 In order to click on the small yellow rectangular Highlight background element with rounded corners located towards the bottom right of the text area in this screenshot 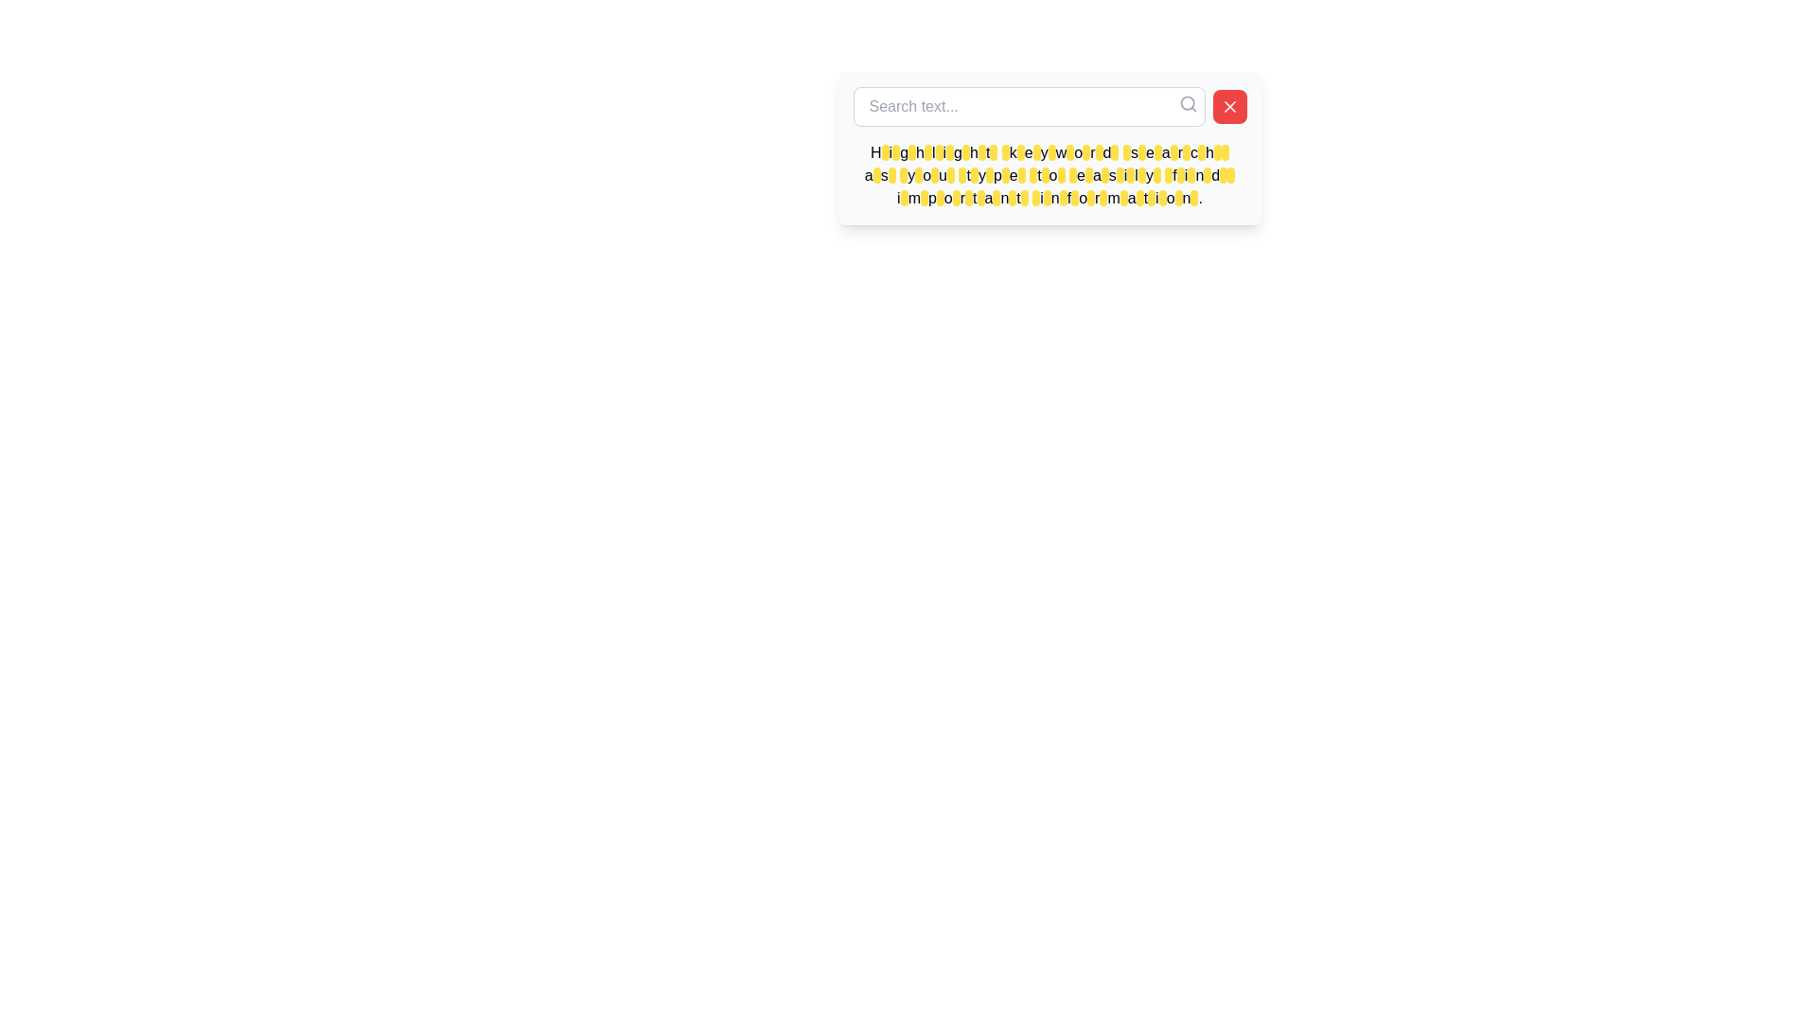, I will do `click(969, 198)`.